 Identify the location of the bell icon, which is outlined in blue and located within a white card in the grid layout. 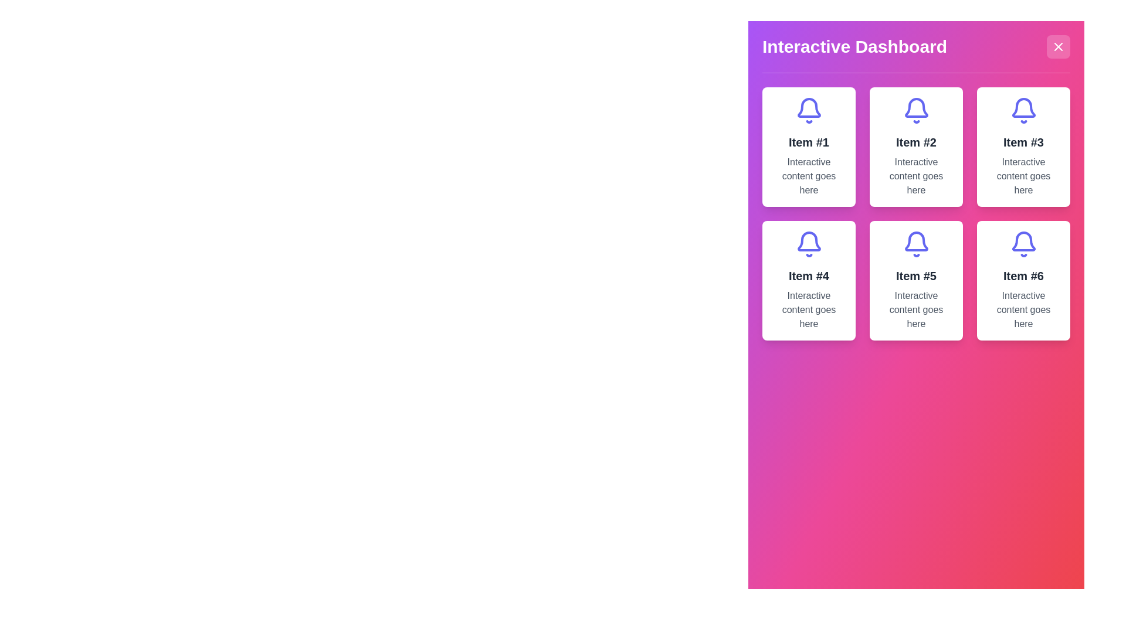
(808, 241).